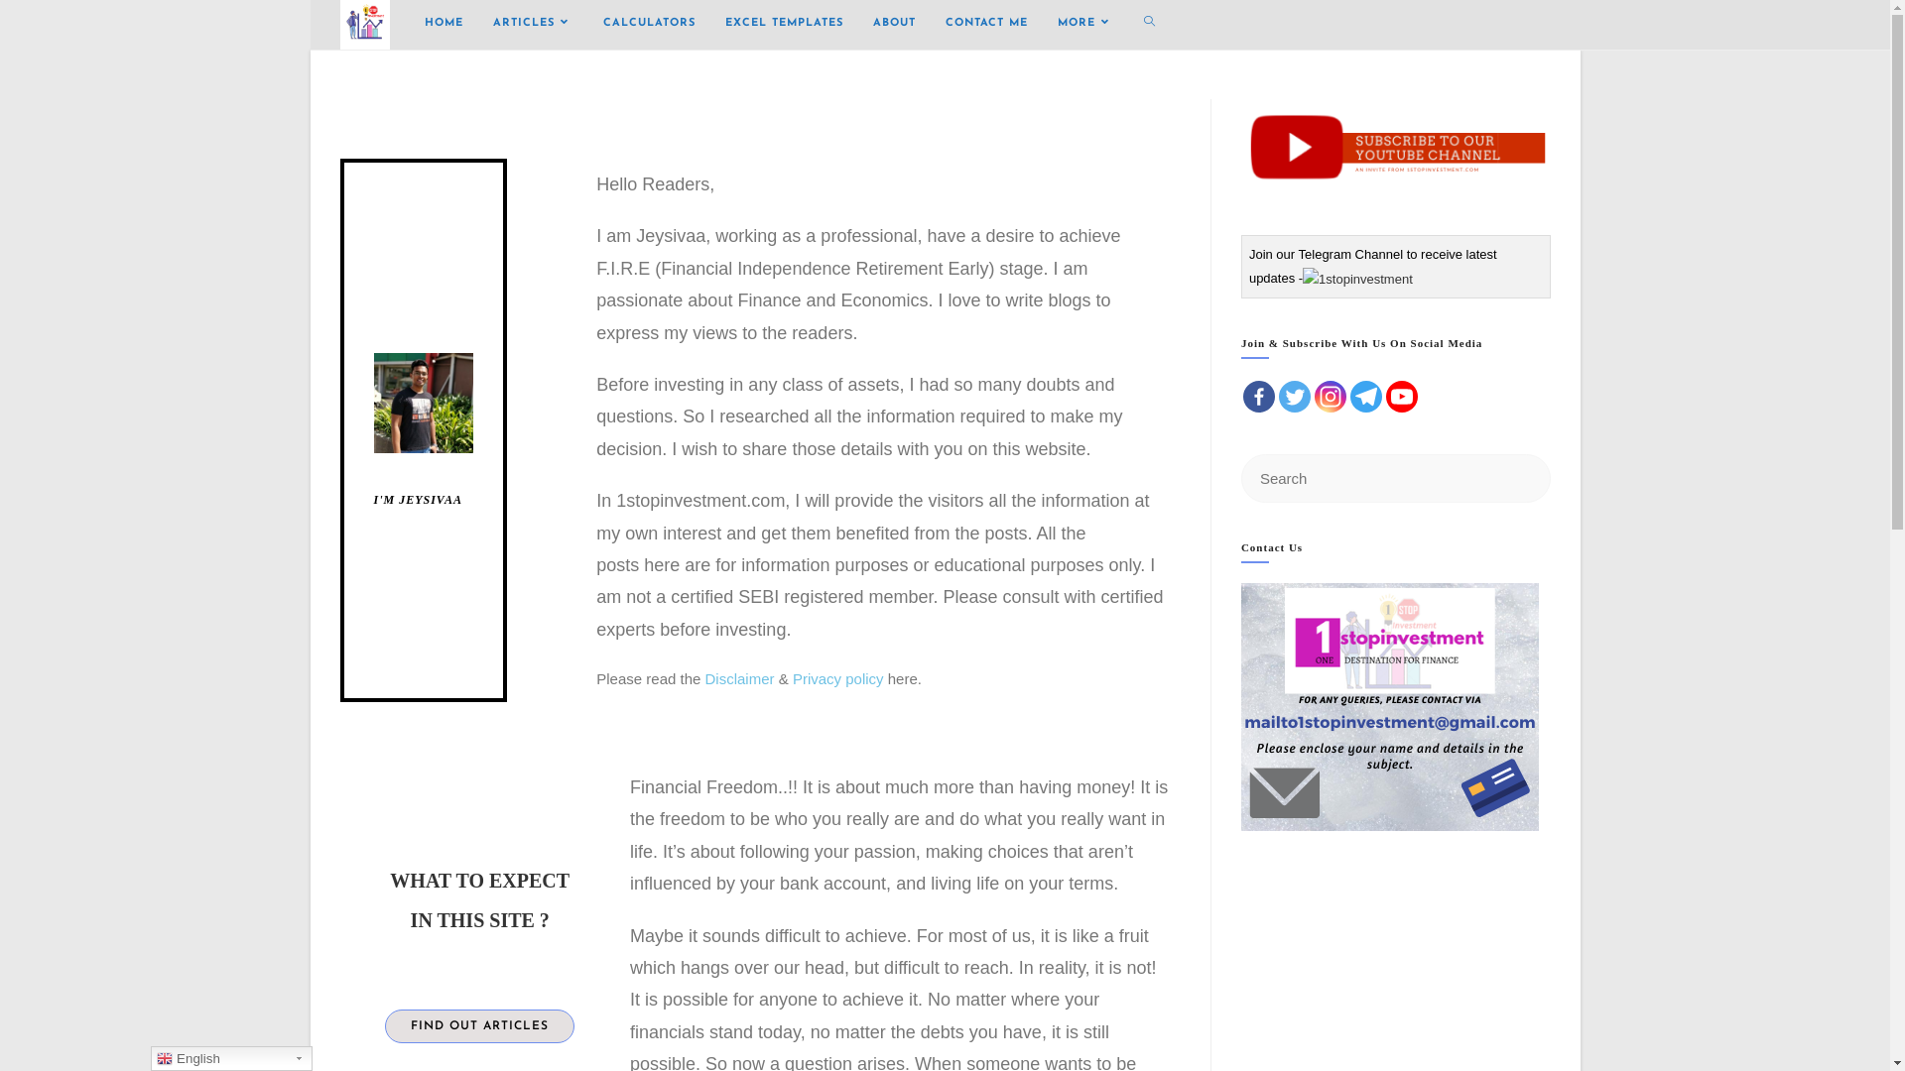 The width and height of the screenshot is (1905, 1071). Describe the element at coordinates (1349, 397) in the screenshot. I see `'Telegram'` at that location.